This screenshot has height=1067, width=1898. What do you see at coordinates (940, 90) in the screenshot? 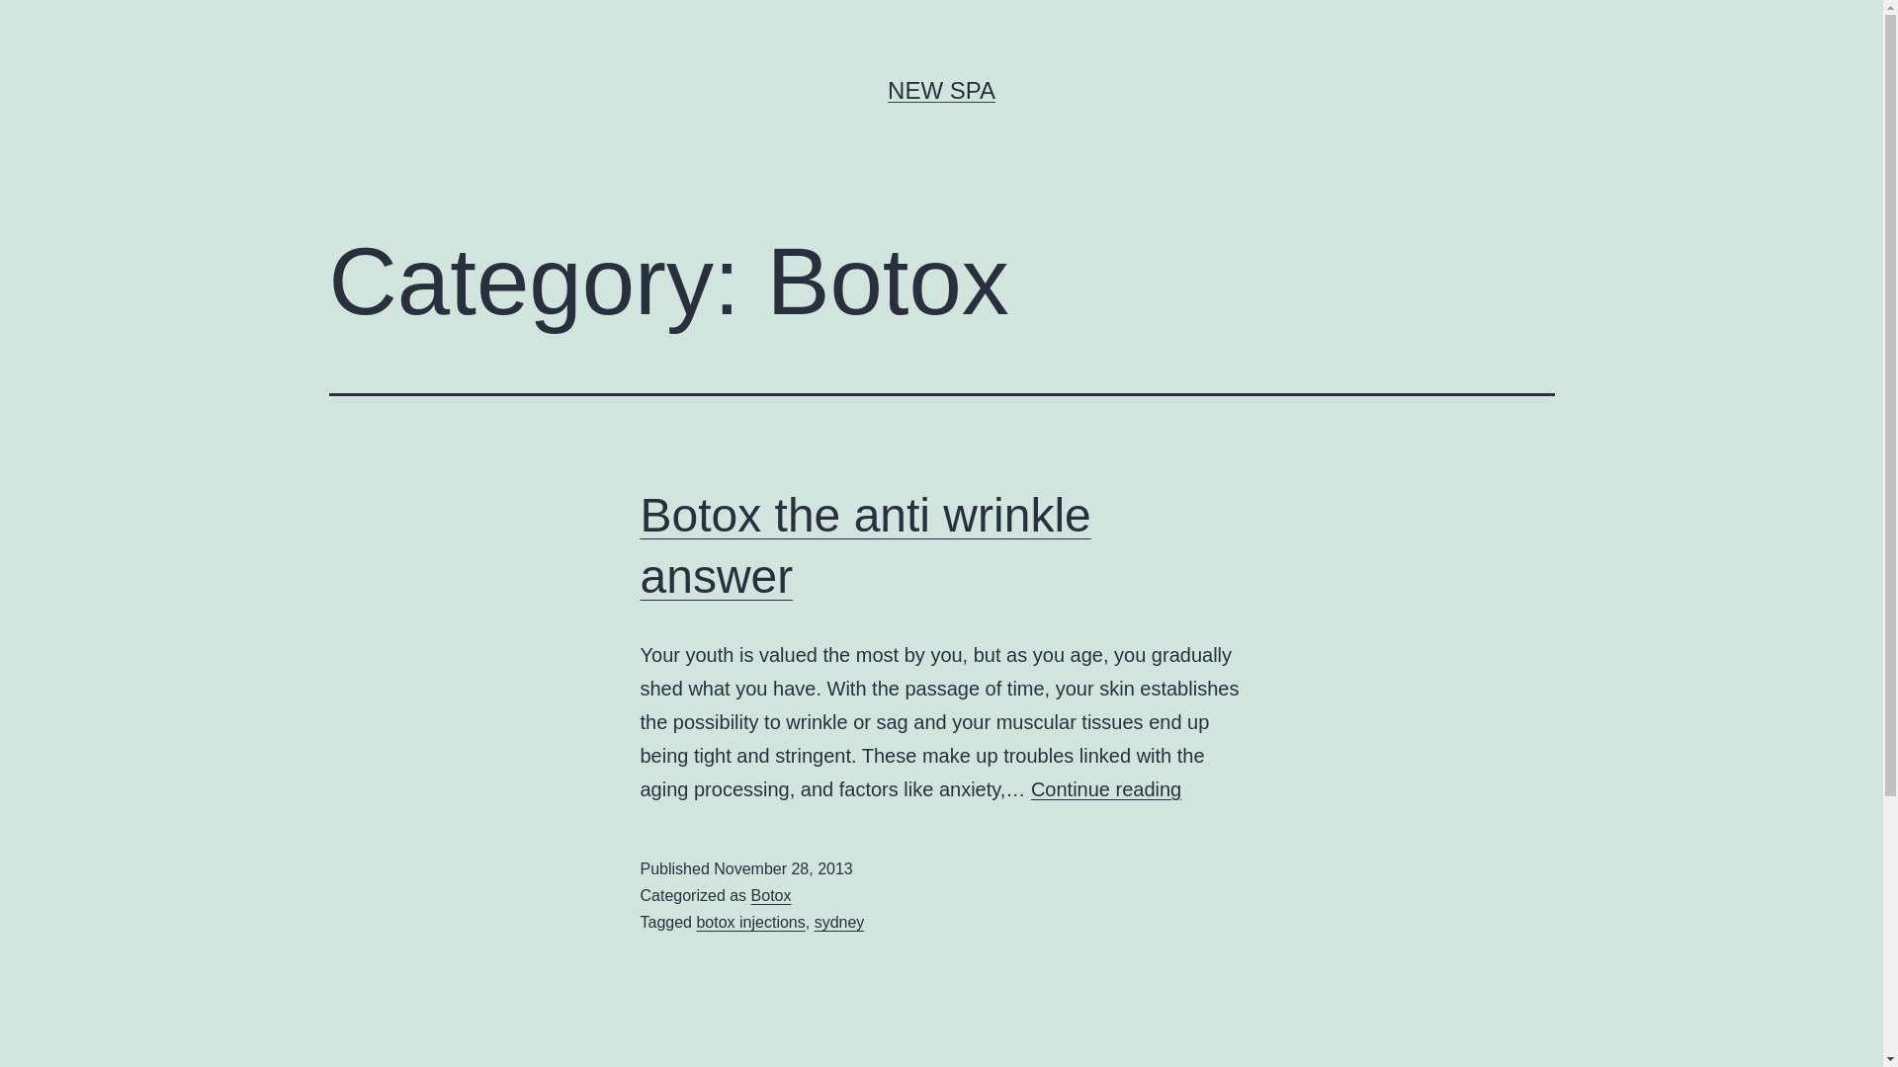
I see `'NEW SPA'` at bounding box center [940, 90].